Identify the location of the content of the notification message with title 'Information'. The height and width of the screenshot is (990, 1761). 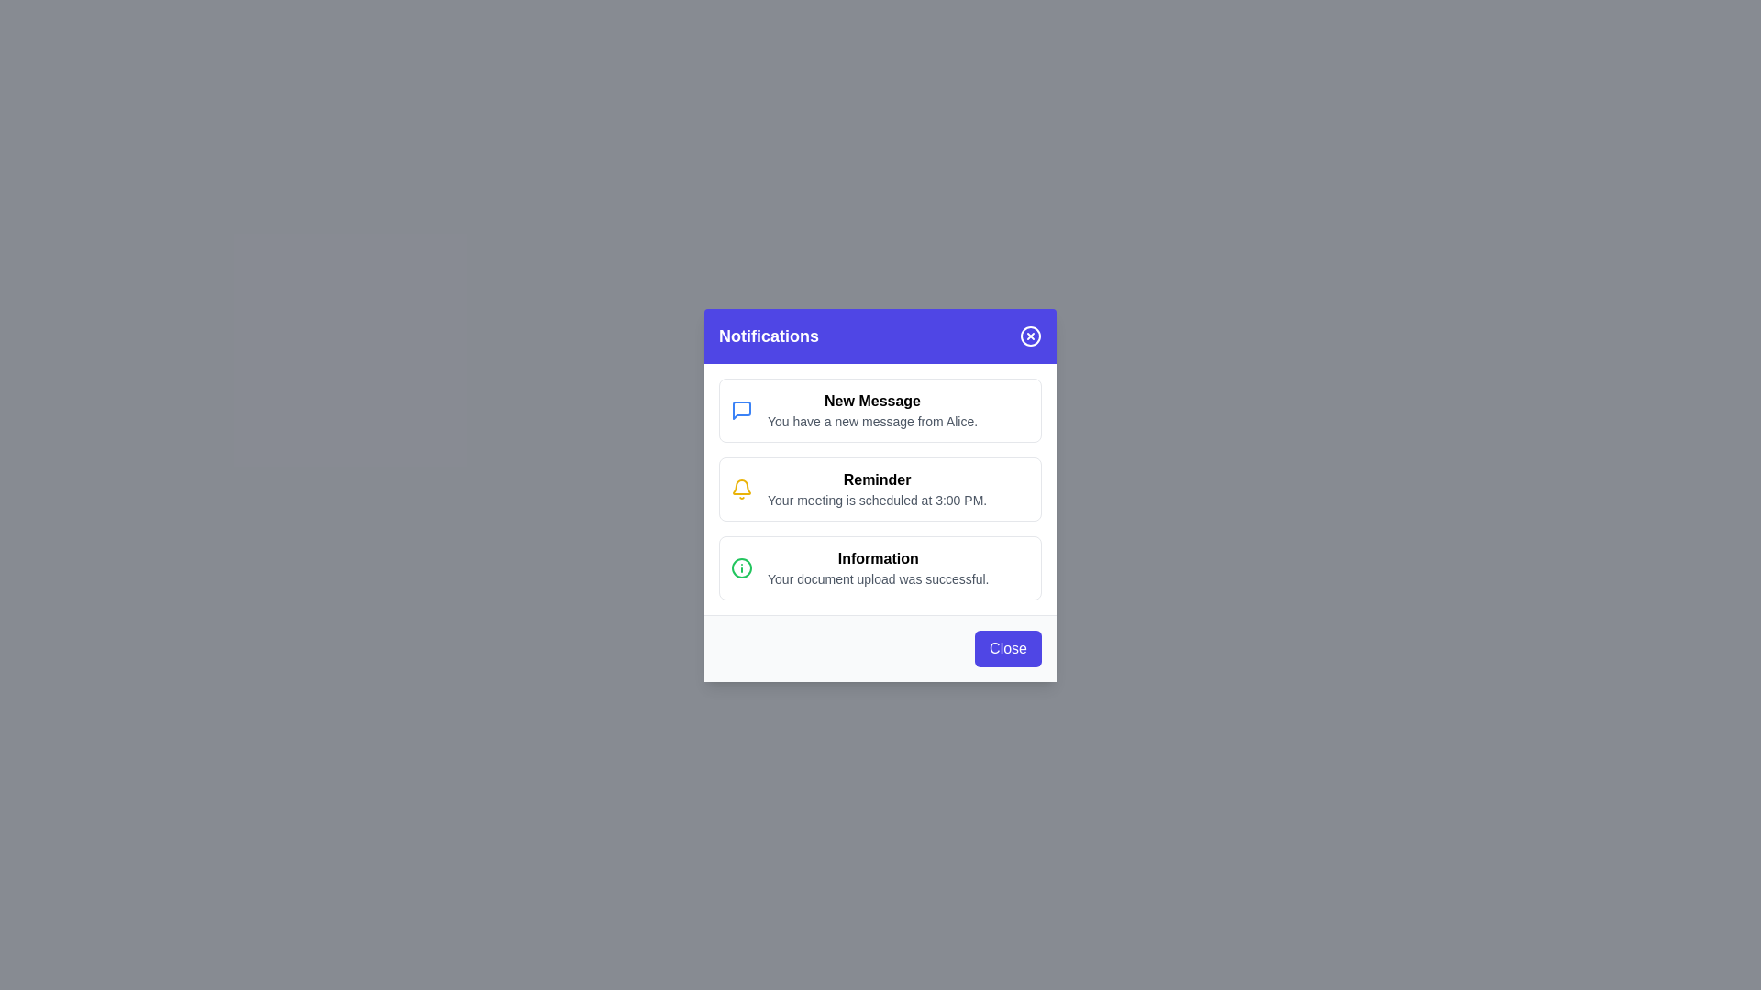
(880, 566).